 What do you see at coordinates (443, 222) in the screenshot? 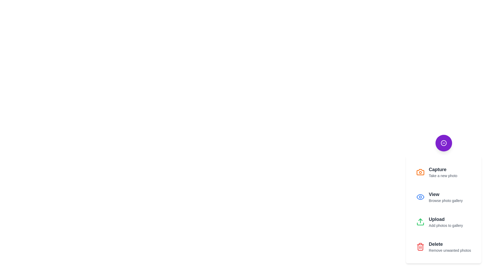
I see `the 'Upload' button to add photos to the gallery` at bounding box center [443, 222].